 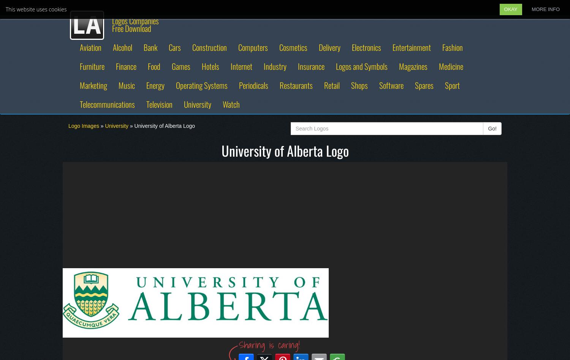 What do you see at coordinates (269, 344) in the screenshot?
I see `'Sharing is caring!'` at bounding box center [269, 344].